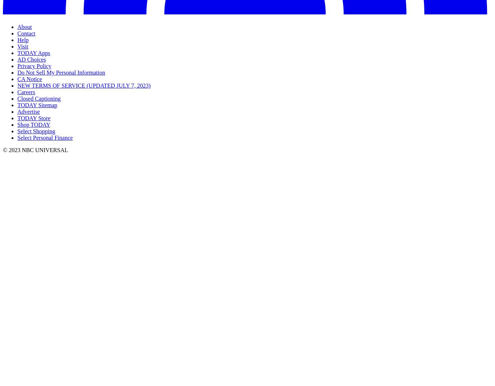  Describe the element at coordinates (34, 53) in the screenshot. I see `'TODAY Apps'` at that location.